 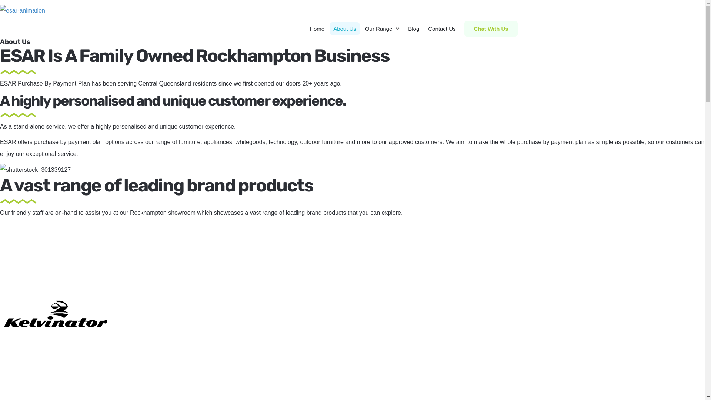 I want to click on 'greenzig (1)', so click(x=18, y=72).